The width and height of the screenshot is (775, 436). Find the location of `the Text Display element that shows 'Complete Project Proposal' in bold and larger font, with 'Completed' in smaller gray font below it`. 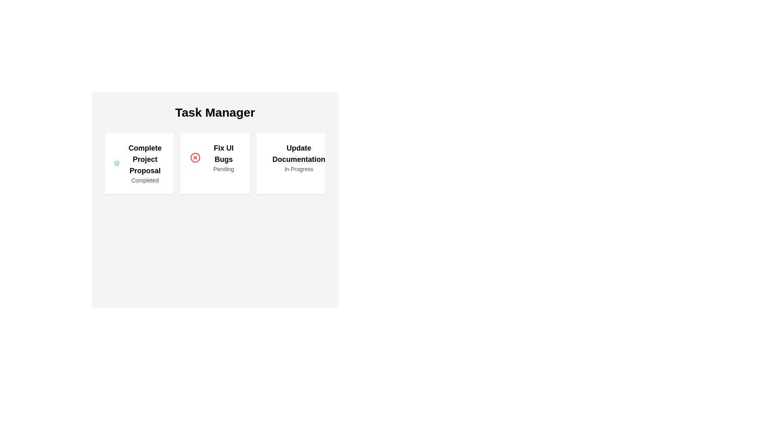

the Text Display element that shows 'Complete Project Proposal' in bold and larger font, with 'Completed' in smaller gray font below it is located at coordinates (145, 163).